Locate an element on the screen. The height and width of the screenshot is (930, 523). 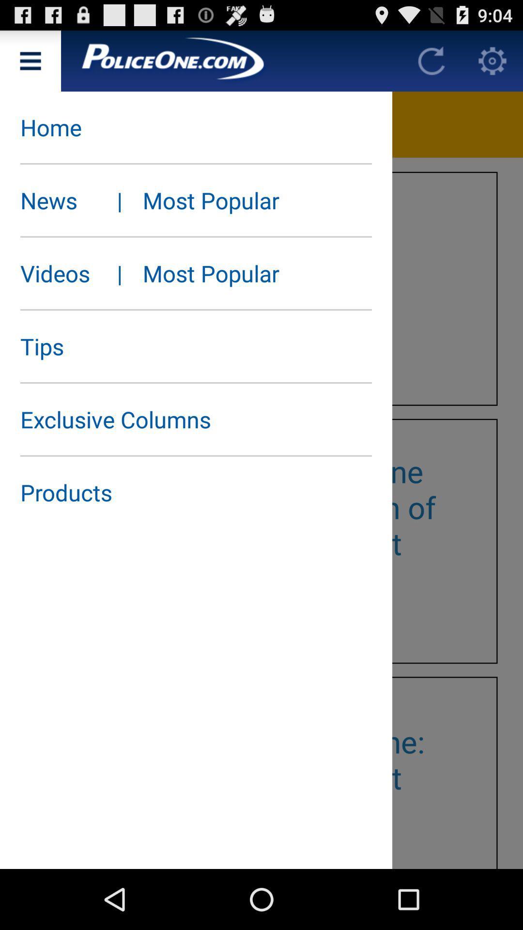
the menu icon is located at coordinates (30, 64).